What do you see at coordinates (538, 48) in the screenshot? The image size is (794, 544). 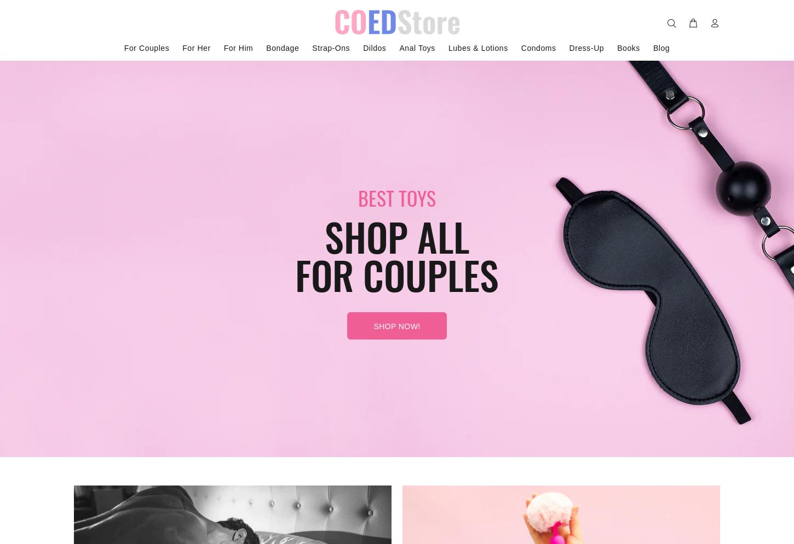 I see `'Condoms'` at bounding box center [538, 48].